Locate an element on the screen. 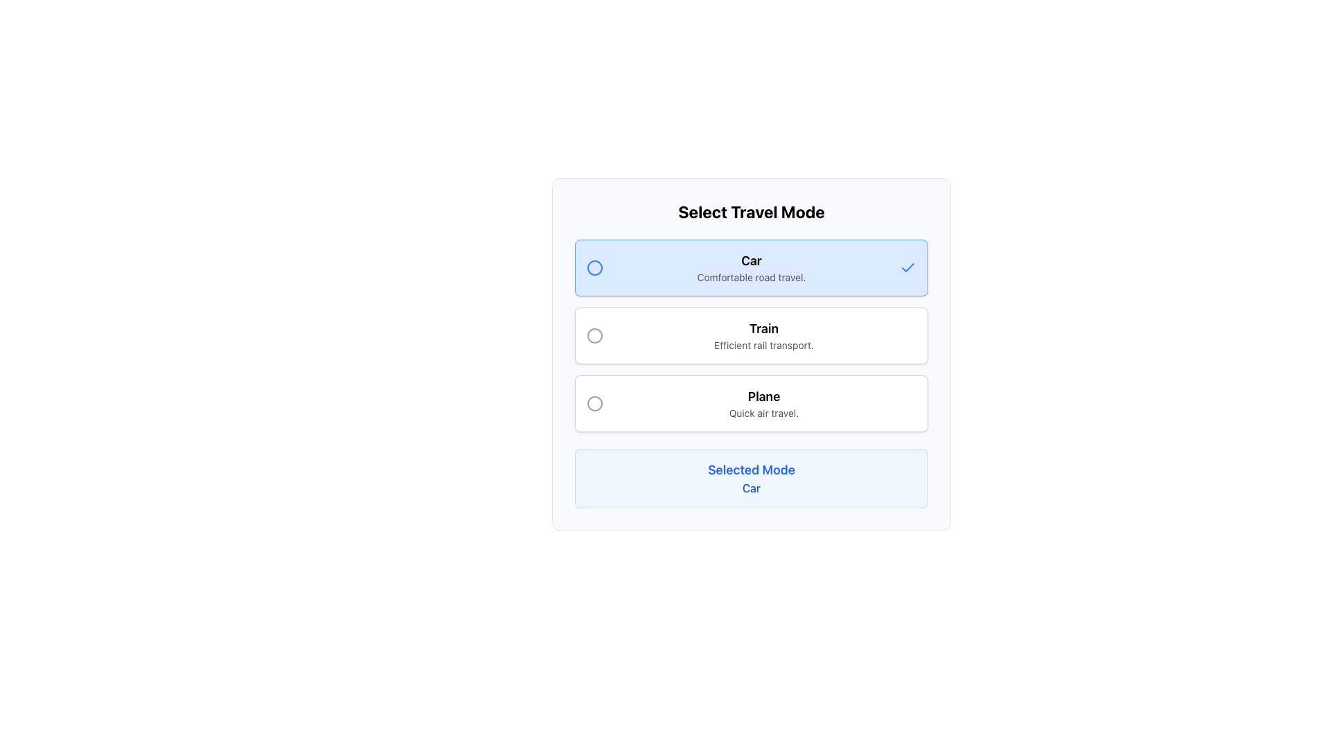 This screenshot has width=1330, height=748. the 'Train' text option in the Text and Icon Selector Item is located at coordinates (763, 336).